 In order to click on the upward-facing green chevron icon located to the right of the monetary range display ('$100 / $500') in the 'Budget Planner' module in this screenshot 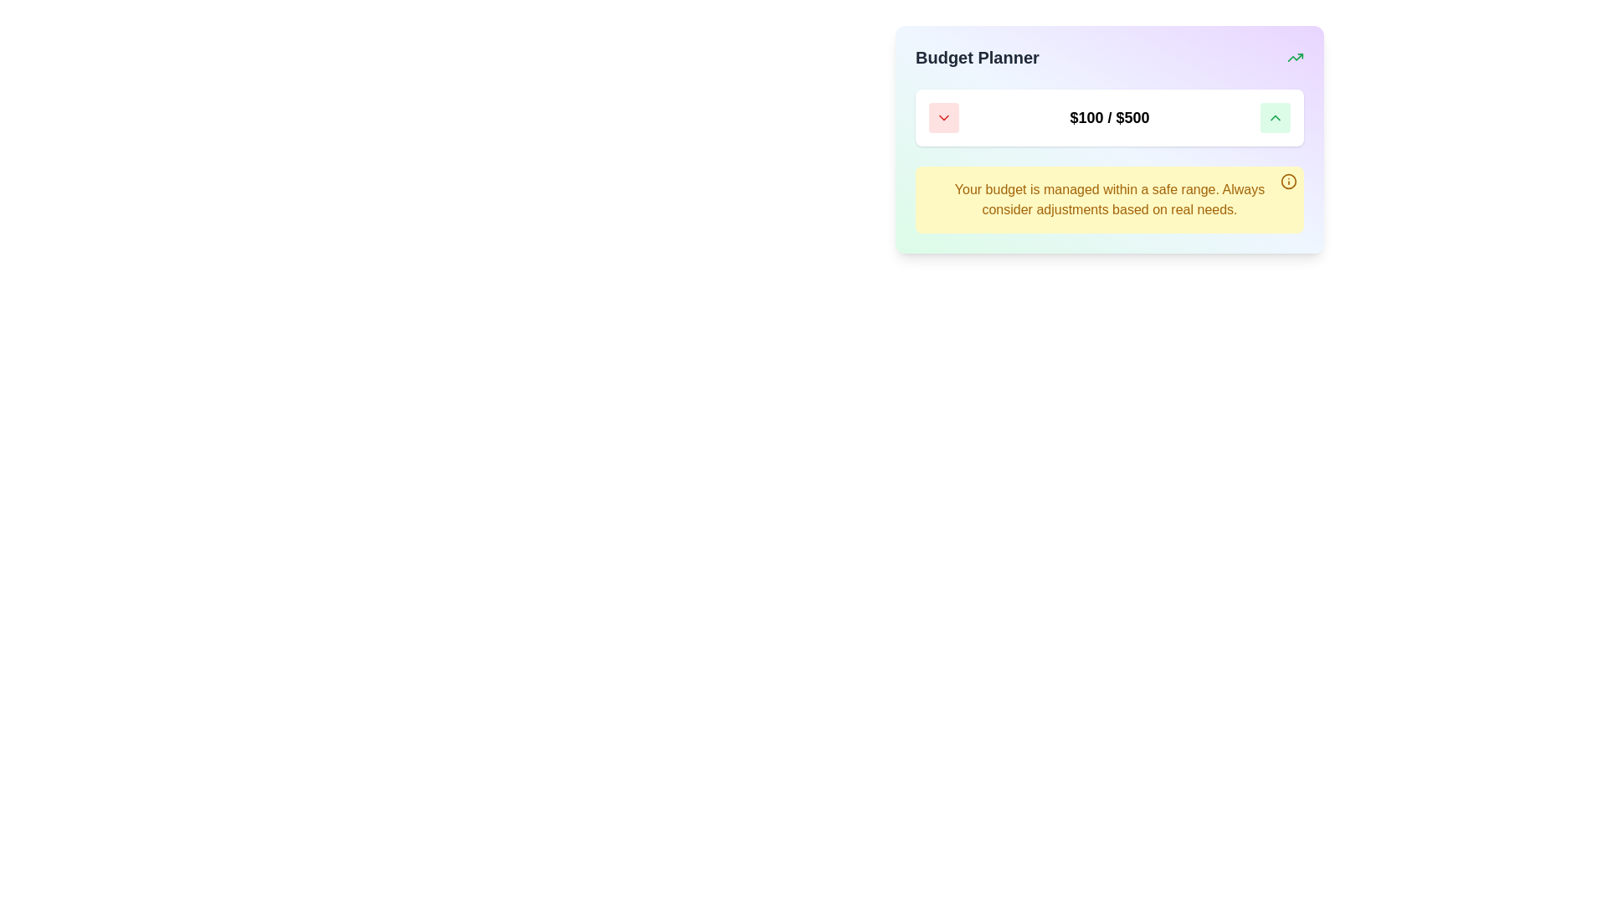, I will do `click(1274, 117)`.